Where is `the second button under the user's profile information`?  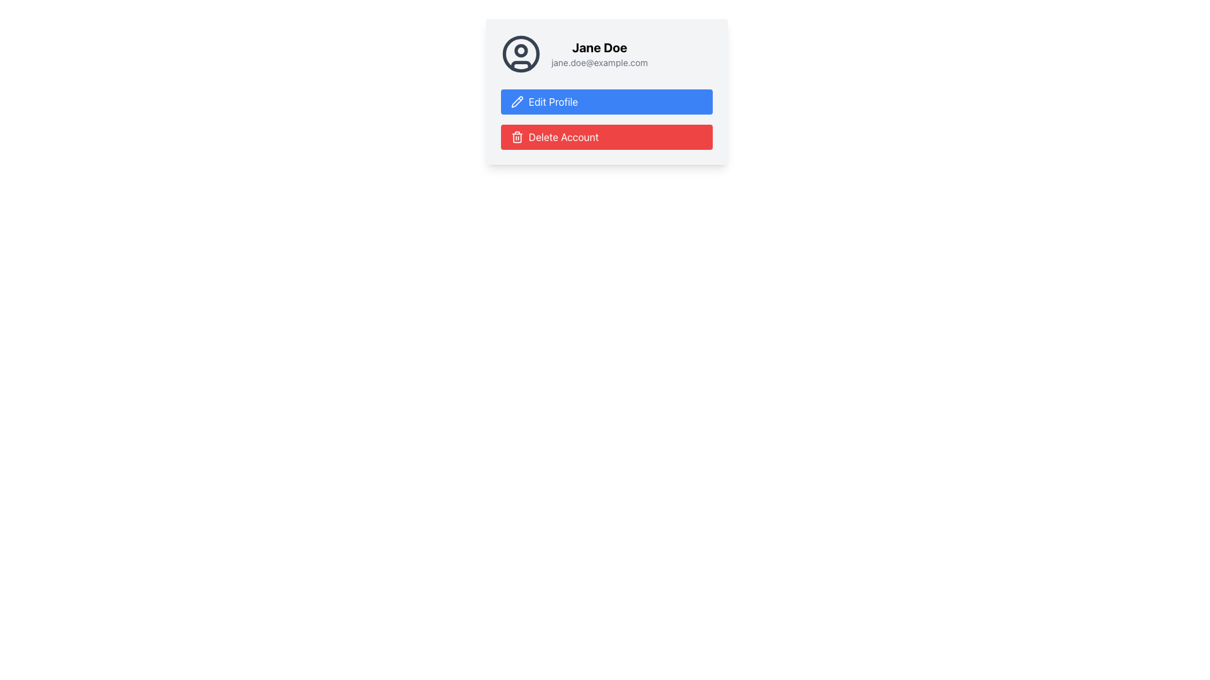
the second button under the user's profile information is located at coordinates (607, 137).